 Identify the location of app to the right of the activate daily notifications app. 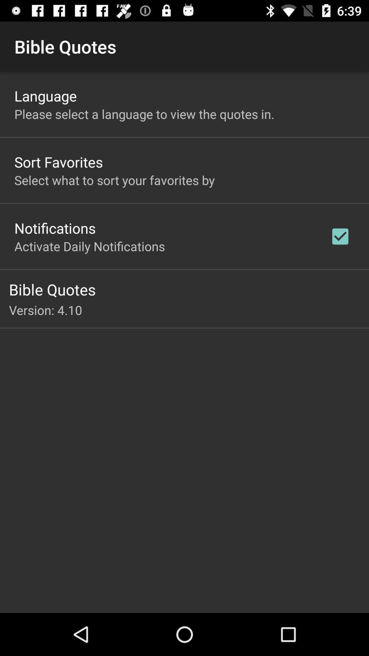
(340, 236).